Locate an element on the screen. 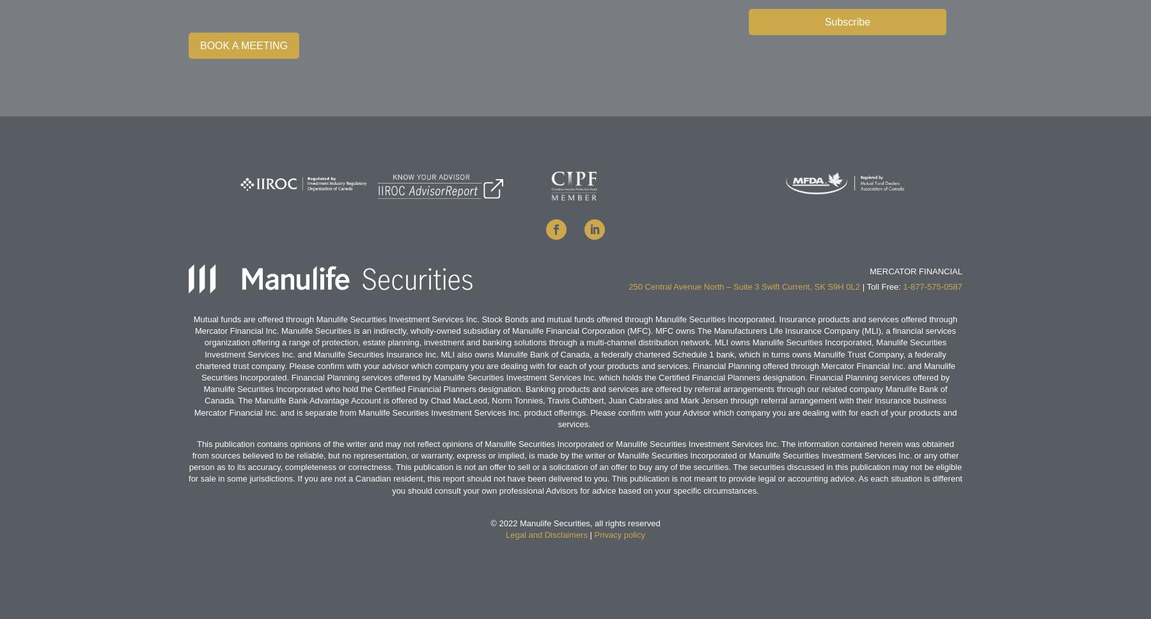  '|' is located at coordinates (590, 535).